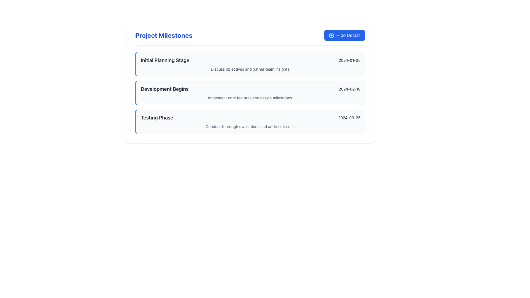  What do you see at coordinates (157, 118) in the screenshot?
I see `the Text Label that represents the title of the third milestone in the project timeline` at bounding box center [157, 118].